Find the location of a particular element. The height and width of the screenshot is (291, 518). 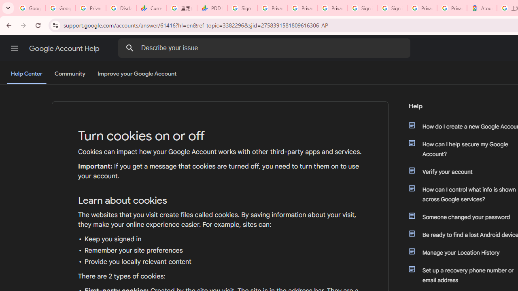

'Community' is located at coordinates (70, 74).